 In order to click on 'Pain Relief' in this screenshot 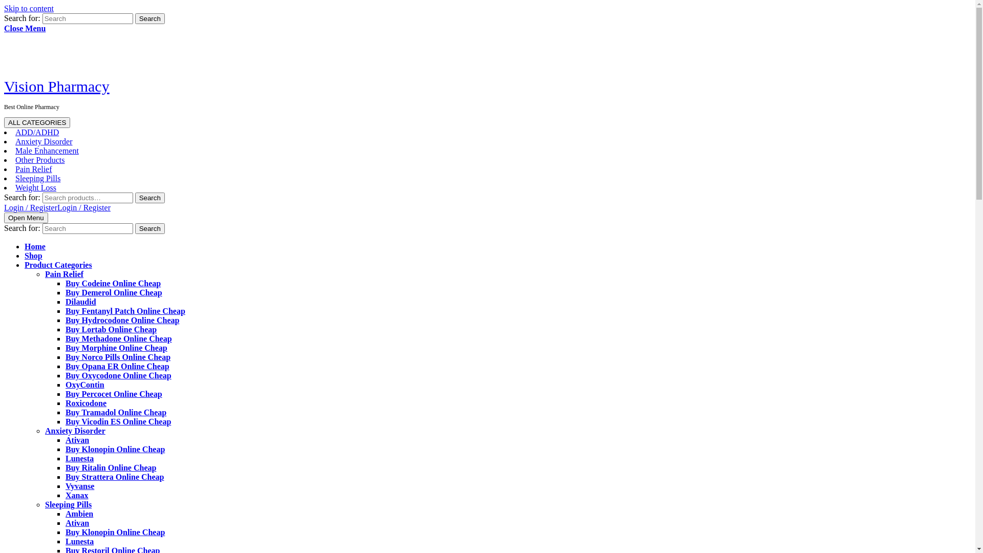, I will do `click(63, 273)`.